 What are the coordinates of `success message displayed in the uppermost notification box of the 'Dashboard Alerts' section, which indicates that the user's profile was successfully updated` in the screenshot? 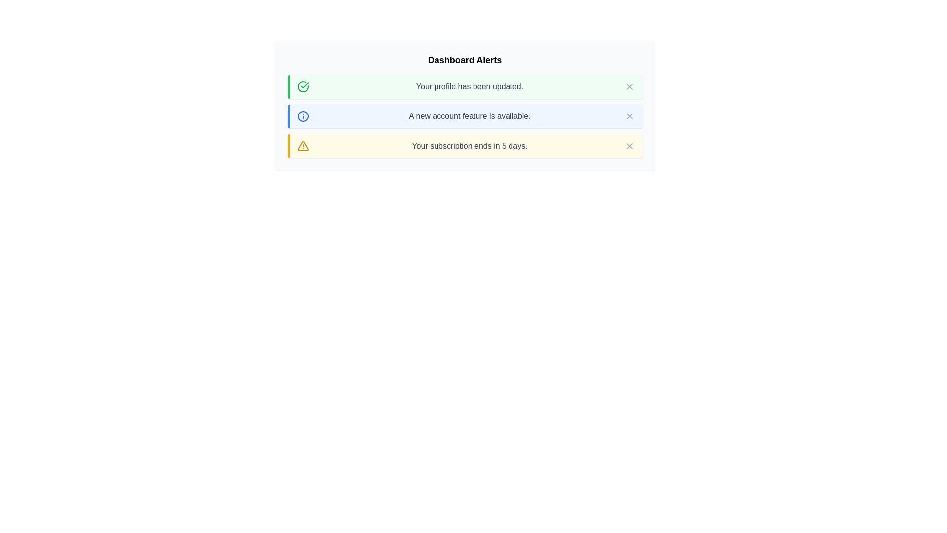 It's located at (469, 86).